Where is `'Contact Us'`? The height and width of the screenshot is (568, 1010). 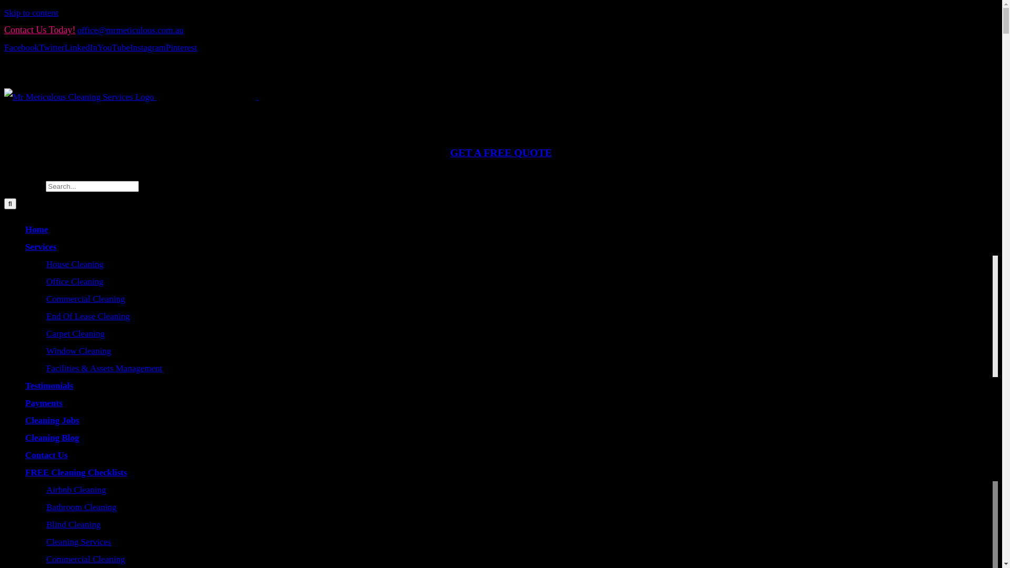 'Contact Us' is located at coordinates (46, 454).